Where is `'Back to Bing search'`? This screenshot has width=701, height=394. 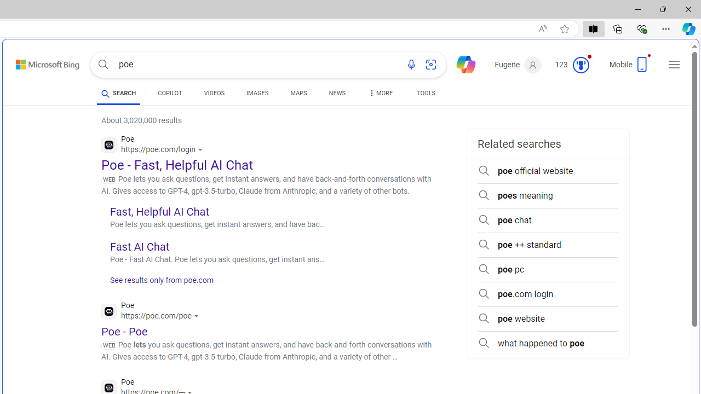 'Back to Bing search' is located at coordinates (41, 62).